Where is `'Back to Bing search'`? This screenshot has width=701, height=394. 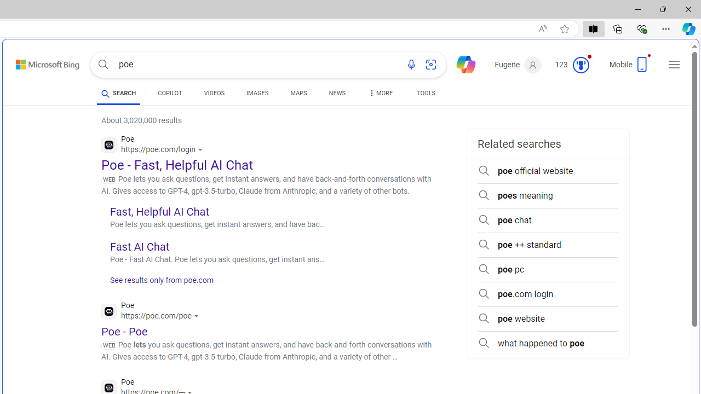 'Back to Bing search' is located at coordinates (41, 62).